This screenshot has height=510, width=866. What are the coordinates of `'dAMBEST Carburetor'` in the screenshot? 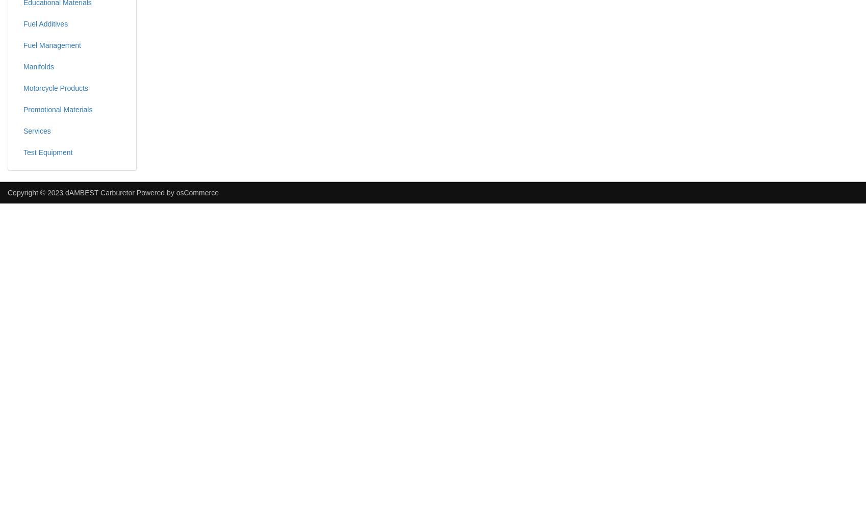 It's located at (65, 192).